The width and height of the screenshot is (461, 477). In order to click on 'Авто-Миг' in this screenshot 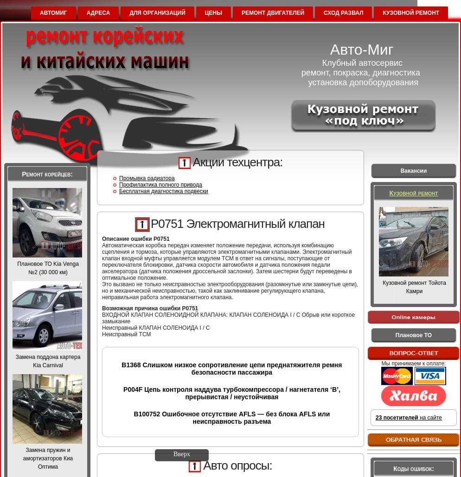, I will do `click(361, 49)`.